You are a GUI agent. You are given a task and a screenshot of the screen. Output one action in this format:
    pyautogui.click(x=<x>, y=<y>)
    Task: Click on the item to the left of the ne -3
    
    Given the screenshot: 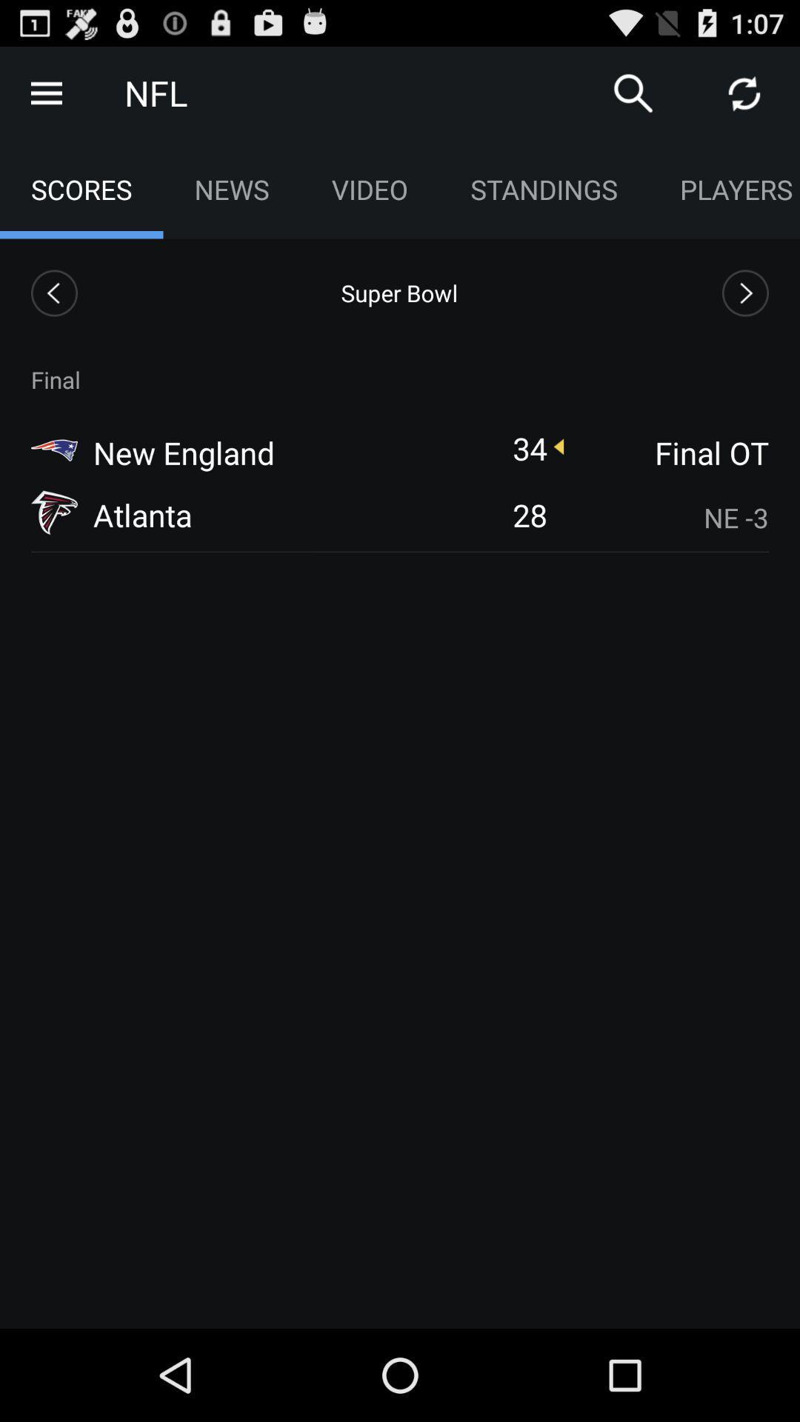 What is the action you would take?
    pyautogui.click(x=529, y=515)
    